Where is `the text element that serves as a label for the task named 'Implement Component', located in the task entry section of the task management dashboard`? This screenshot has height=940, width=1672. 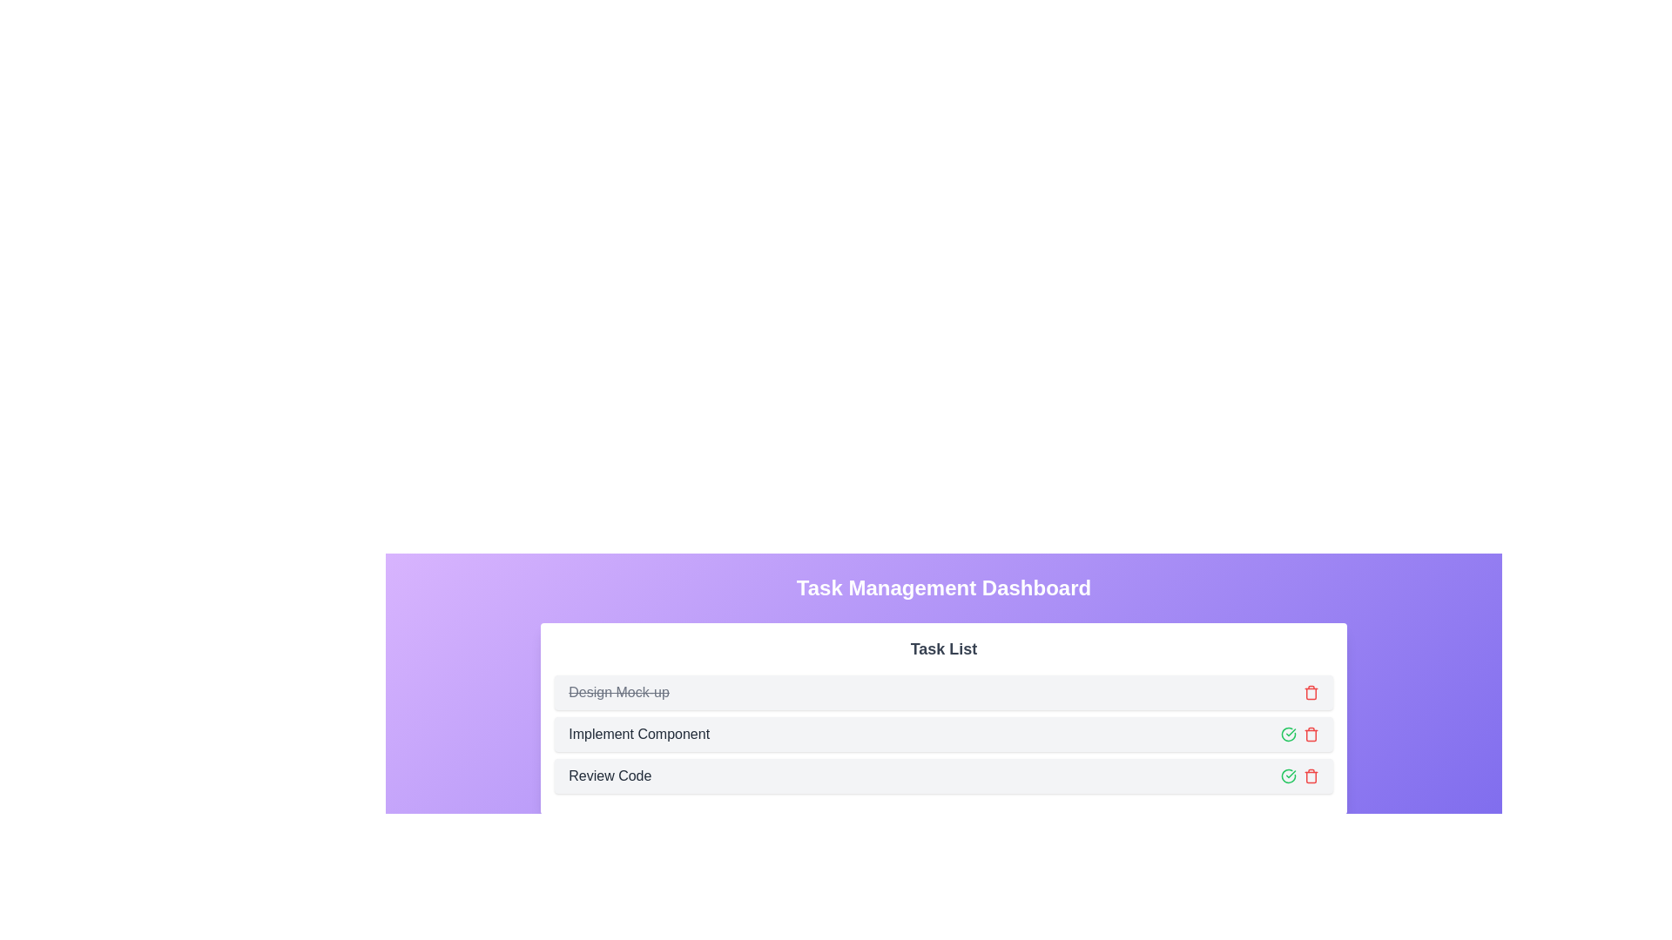 the text element that serves as a label for the task named 'Implement Component', located in the task entry section of the task management dashboard is located at coordinates (638, 735).